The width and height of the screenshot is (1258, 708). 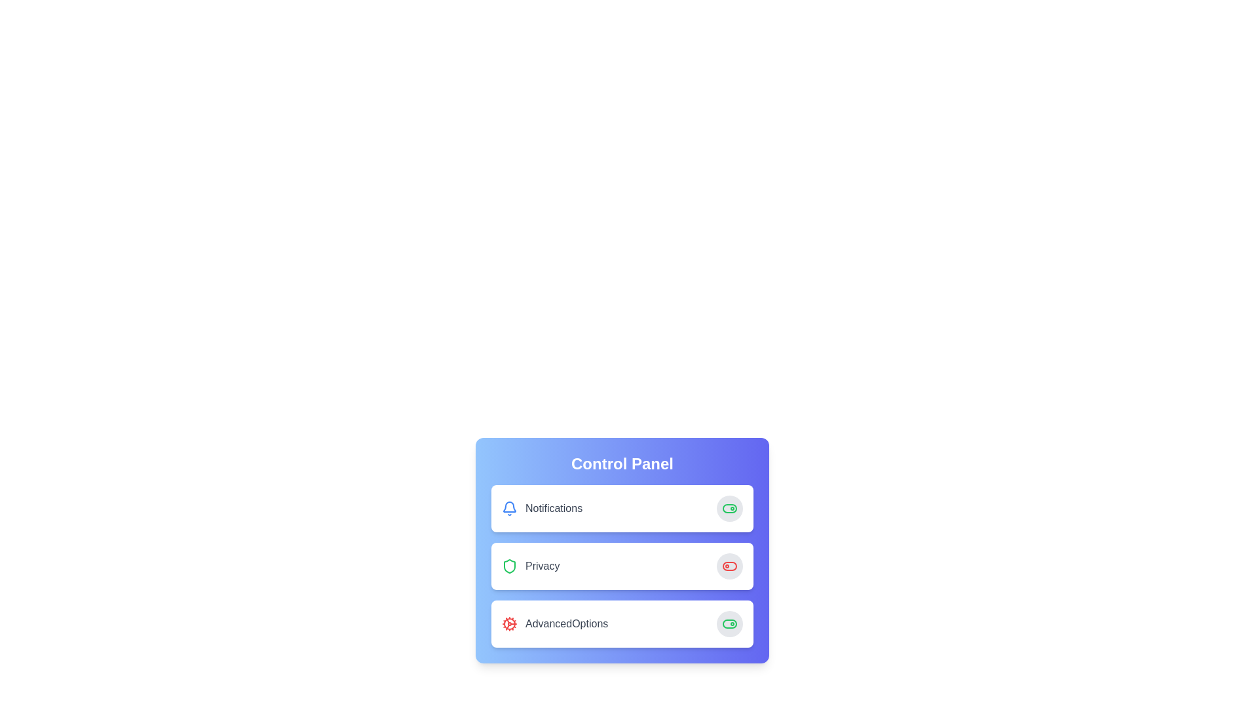 What do you see at coordinates (508, 566) in the screenshot?
I see `the green-colored shield icon located in the 'Privacy' row of the control panel interface` at bounding box center [508, 566].